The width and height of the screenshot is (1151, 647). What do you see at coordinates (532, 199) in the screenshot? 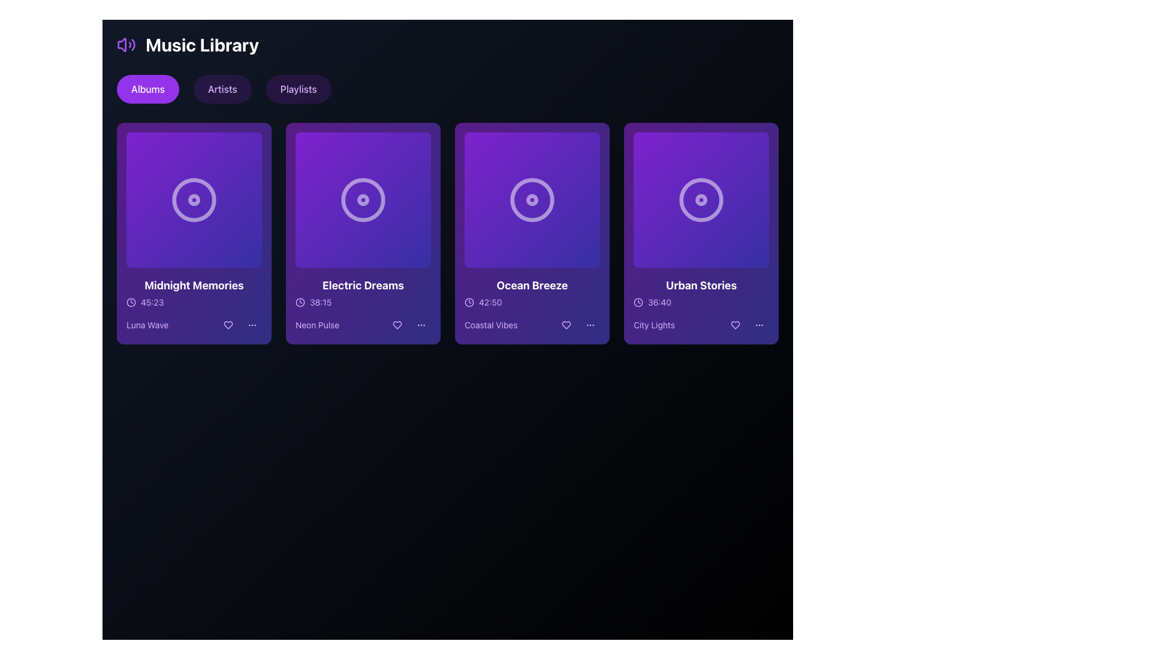
I see `the play icon in the third card of the horizontally aligned album cards` at bounding box center [532, 199].